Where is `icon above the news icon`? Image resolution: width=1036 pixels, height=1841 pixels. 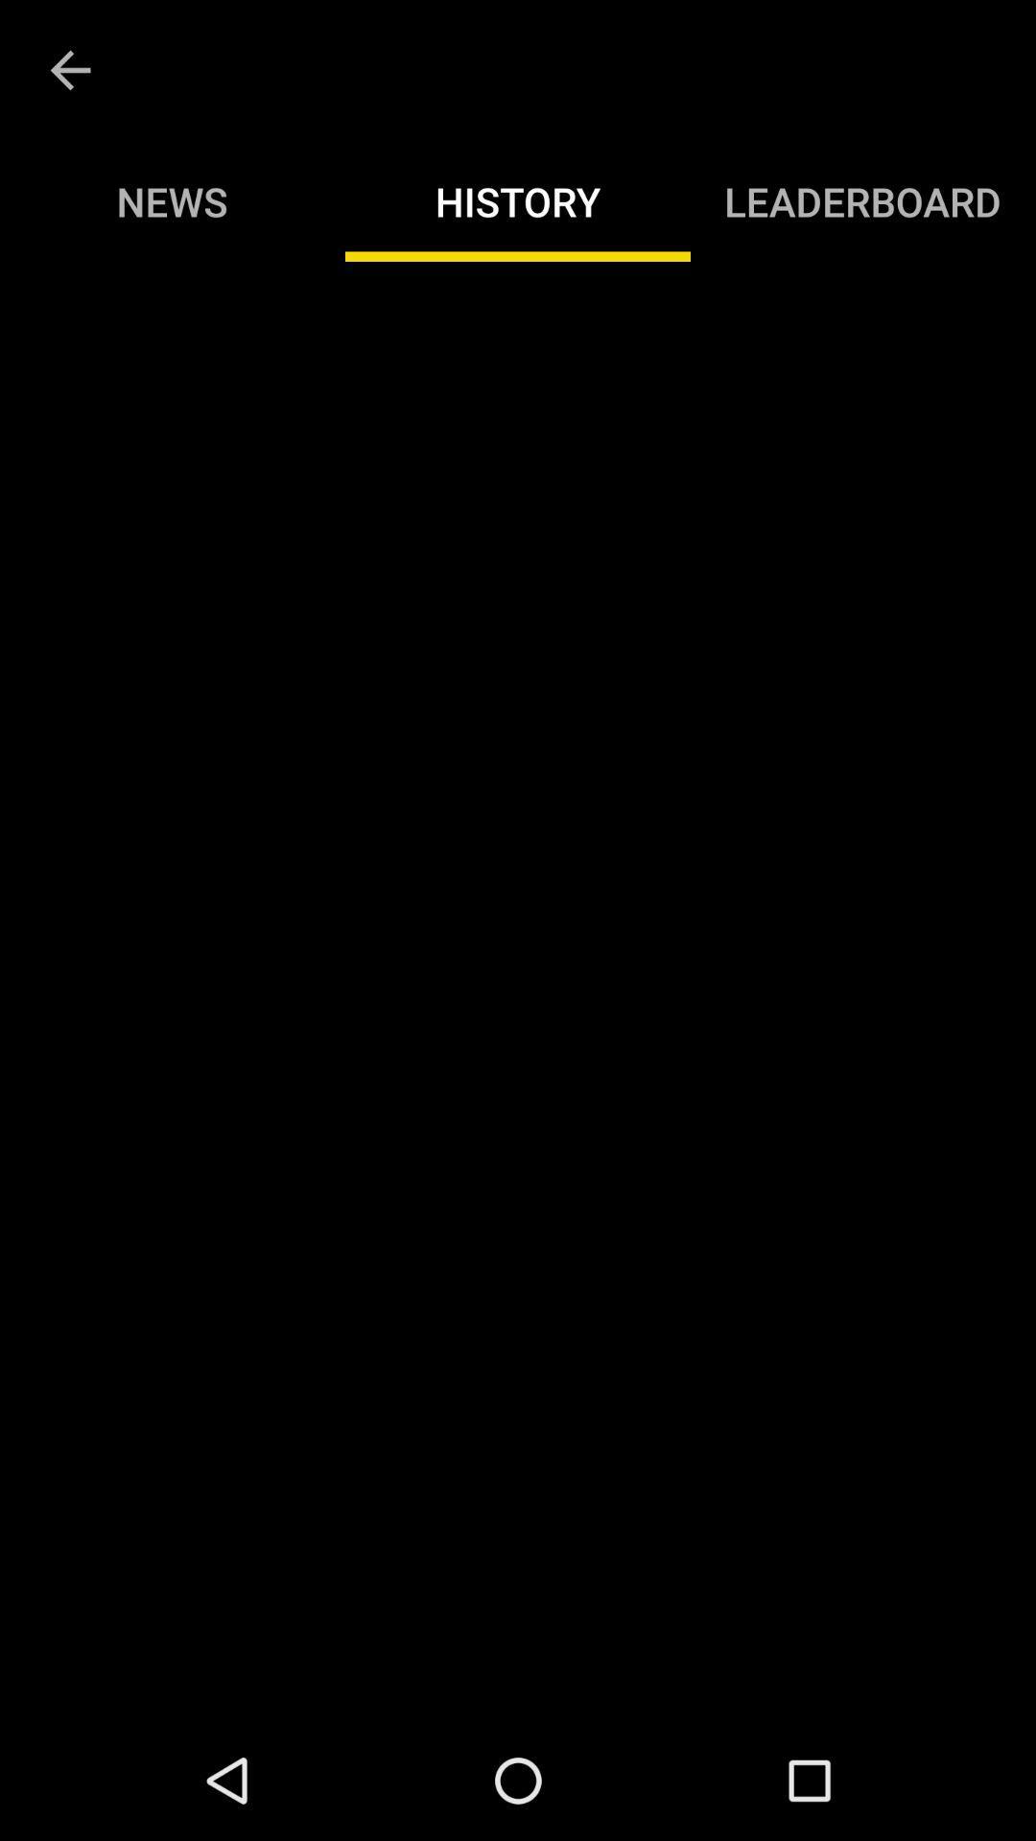 icon above the news icon is located at coordinates (69, 70).